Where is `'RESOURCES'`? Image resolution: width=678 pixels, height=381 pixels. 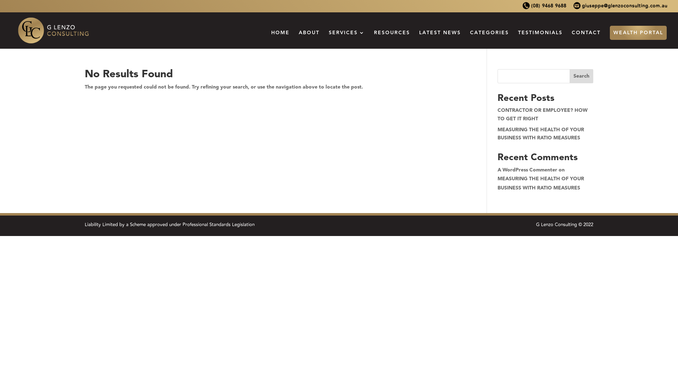
'RESOURCES' is located at coordinates (391, 39).